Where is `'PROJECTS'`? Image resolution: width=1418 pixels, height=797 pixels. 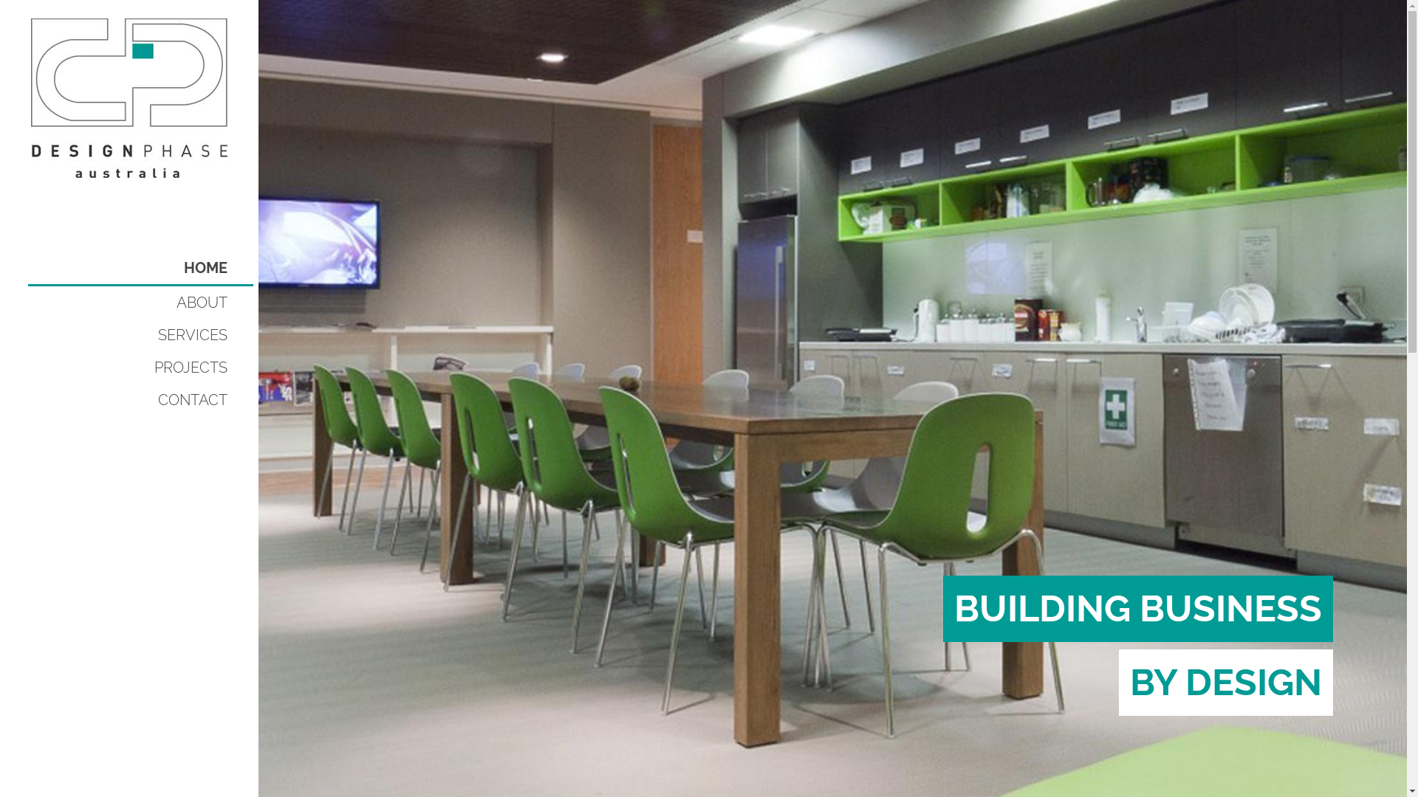 'PROJECTS' is located at coordinates (140, 366).